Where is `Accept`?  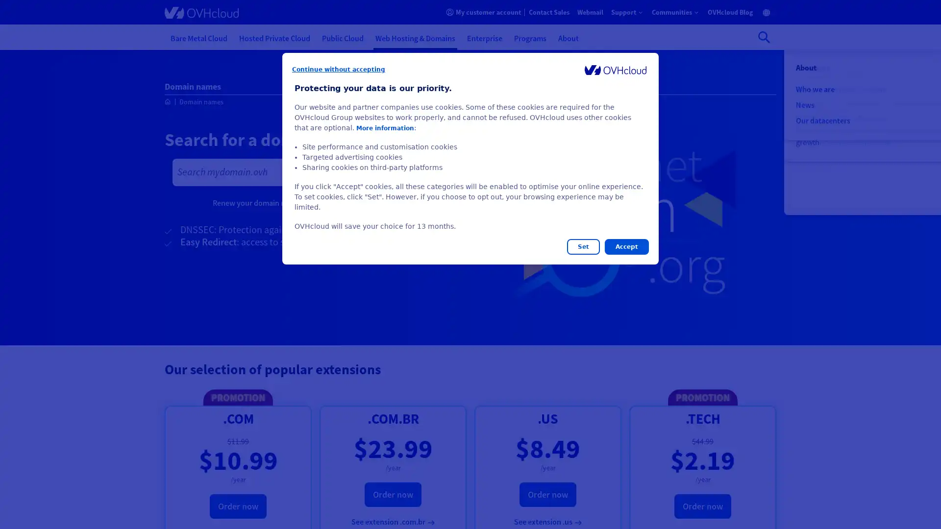 Accept is located at coordinates (626, 246).